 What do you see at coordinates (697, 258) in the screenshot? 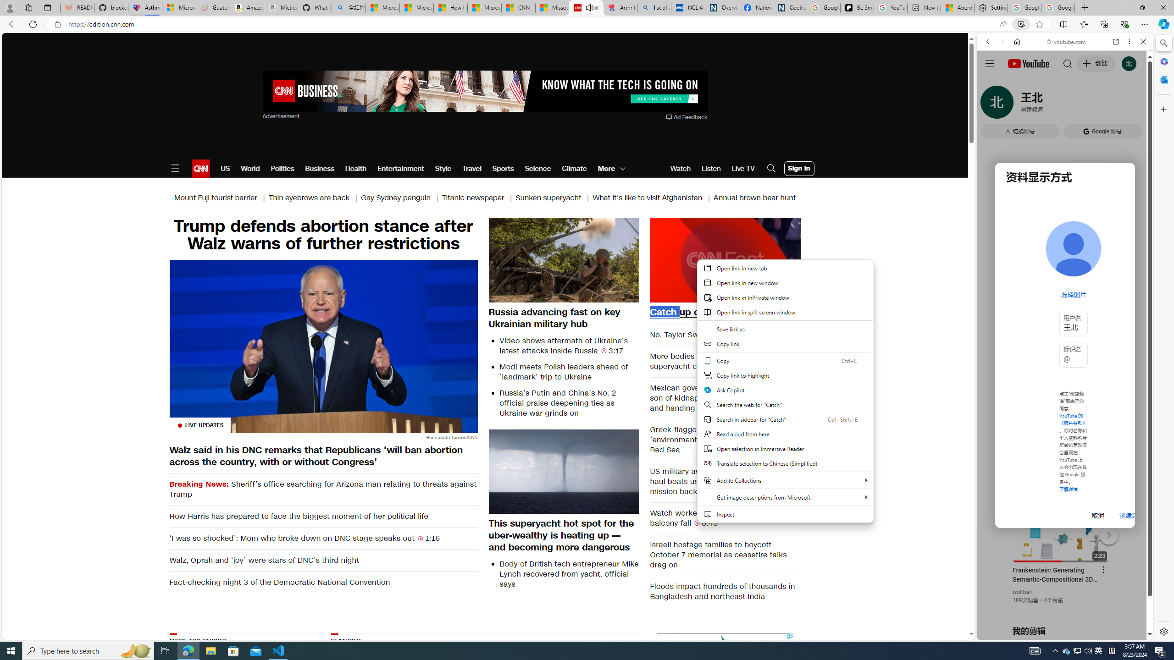
I see `'Backward 10 seconds'` at bounding box center [697, 258].